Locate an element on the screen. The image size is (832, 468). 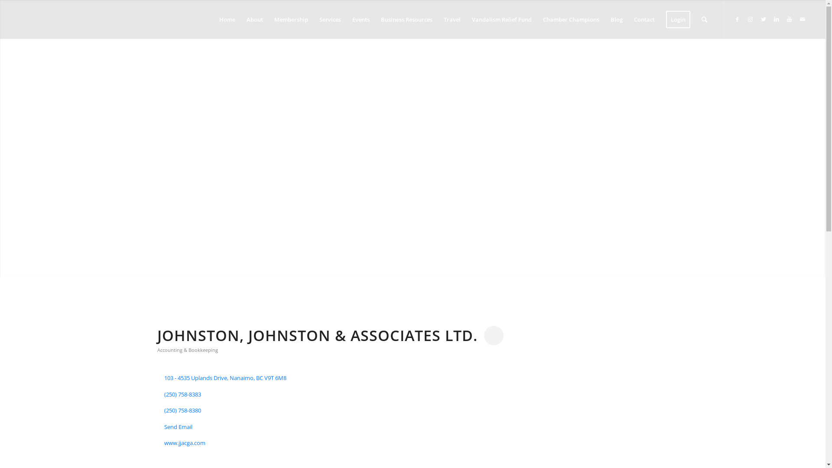
'Vandalism Relief Fund' is located at coordinates (465, 19).